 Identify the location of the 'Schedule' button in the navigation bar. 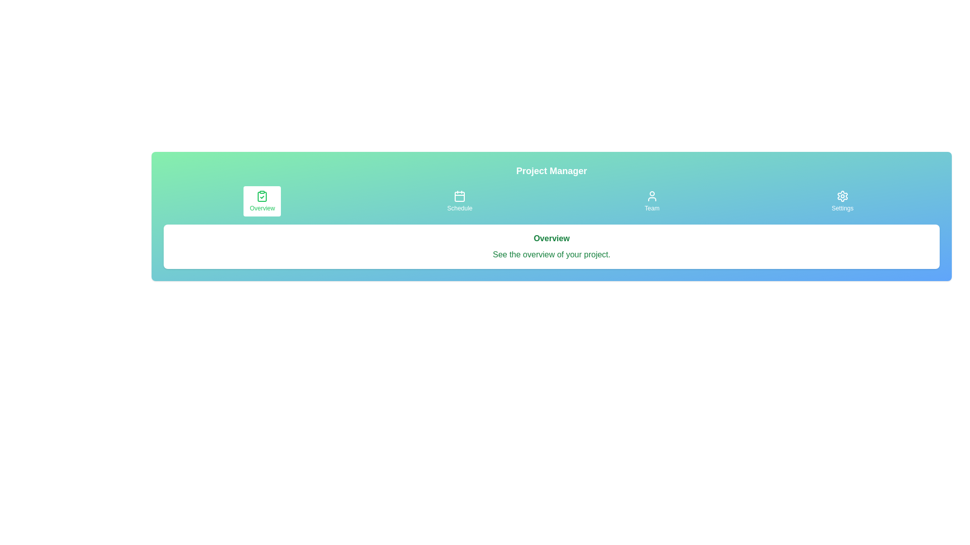
(459, 201).